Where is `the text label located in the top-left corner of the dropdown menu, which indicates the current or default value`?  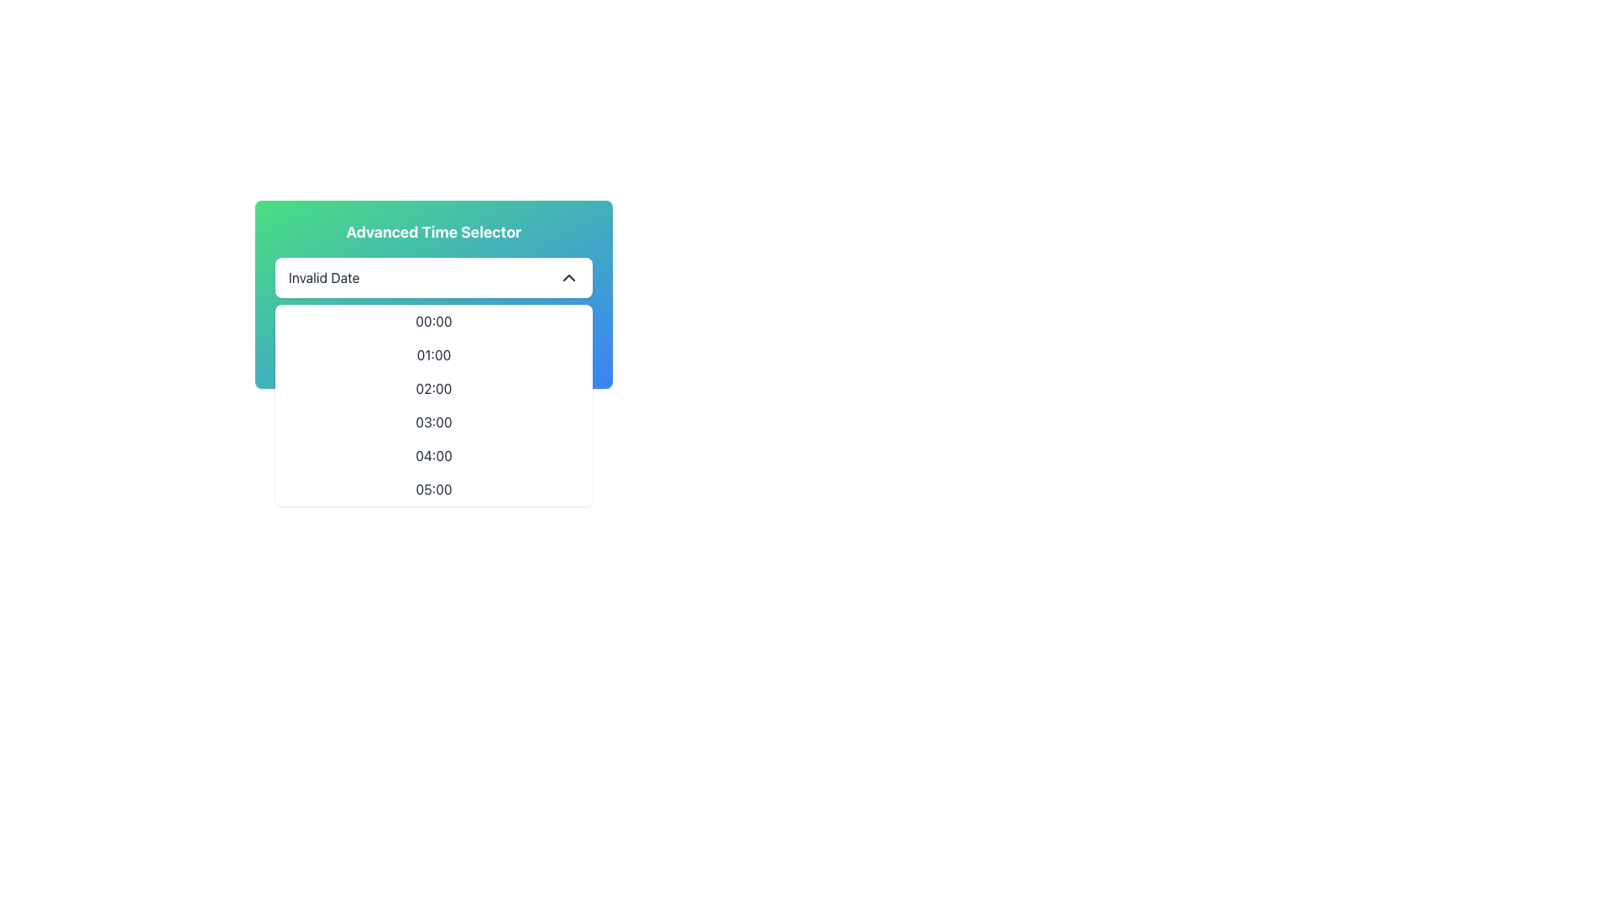
the text label located in the top-left corner of the dropdown menu, which indicates the current or default value is located at coordinates (324, 277).